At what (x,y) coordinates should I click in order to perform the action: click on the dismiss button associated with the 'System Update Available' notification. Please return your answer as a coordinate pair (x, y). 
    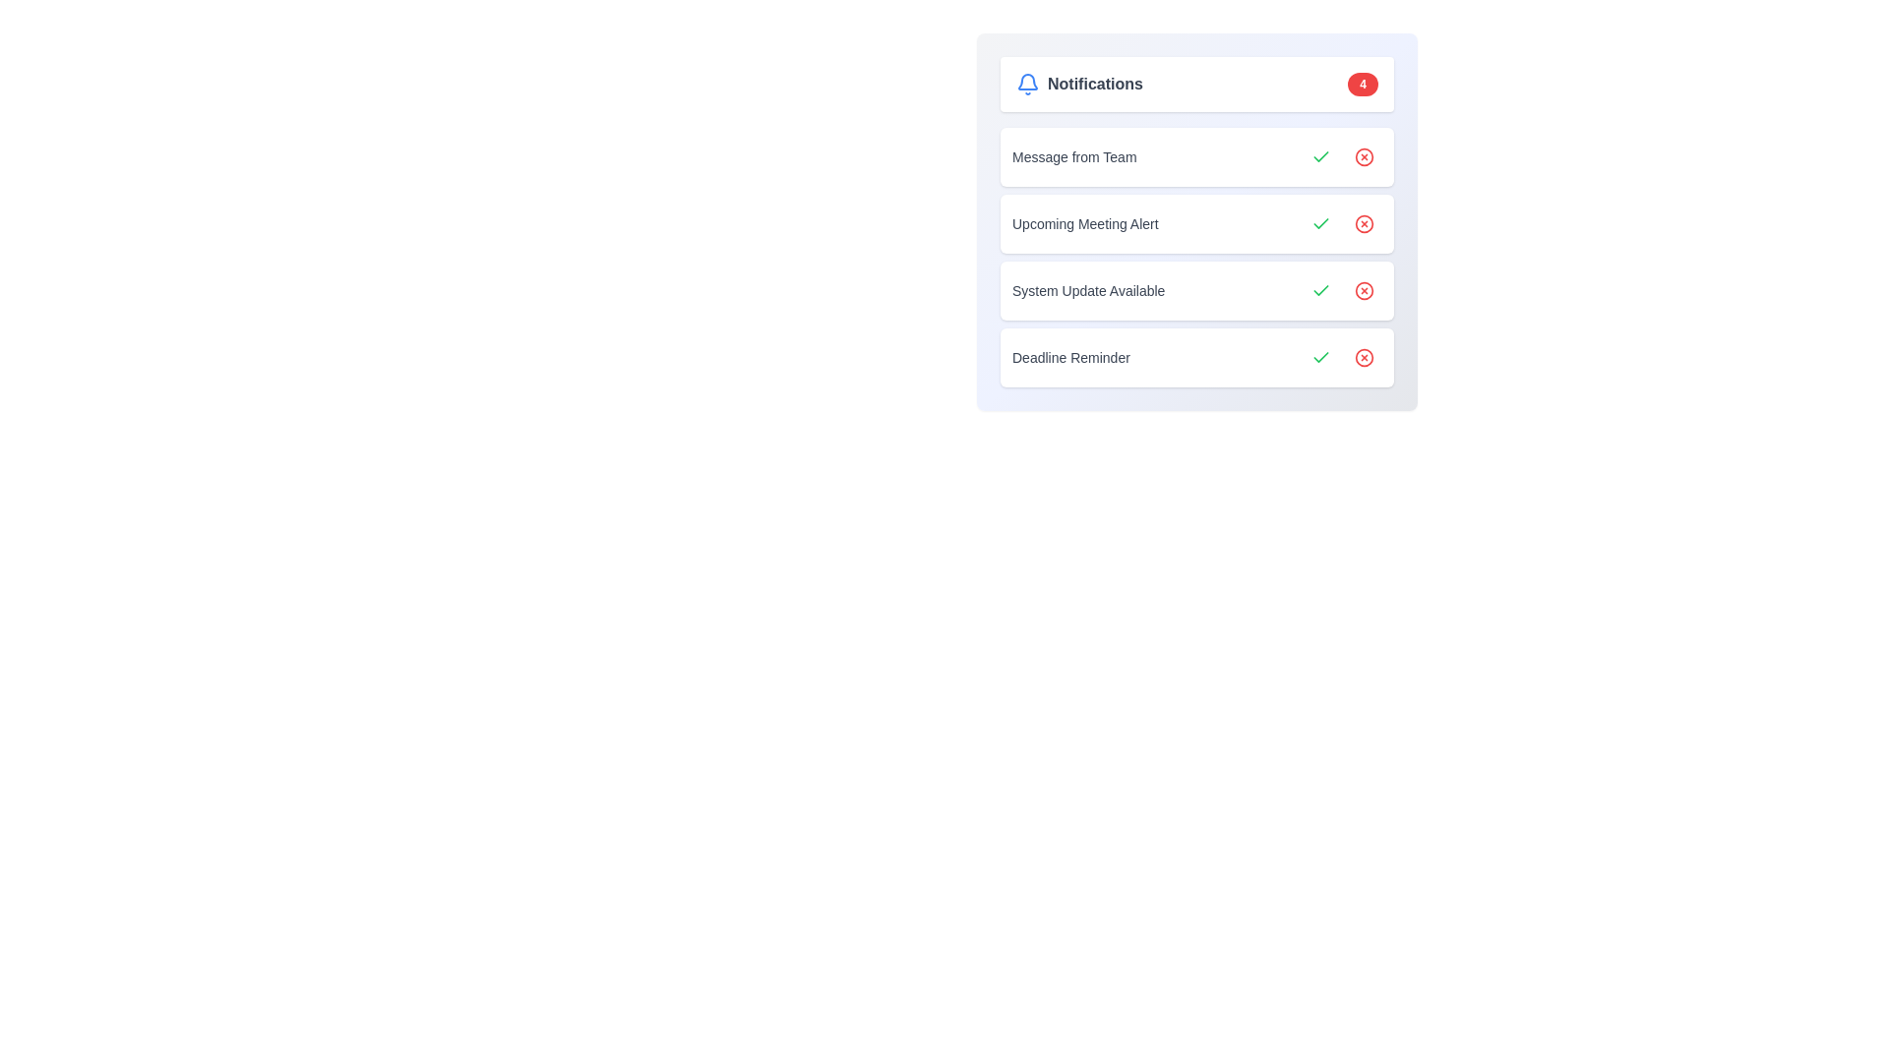
    Looking at the image, I should click on (1364, 291).